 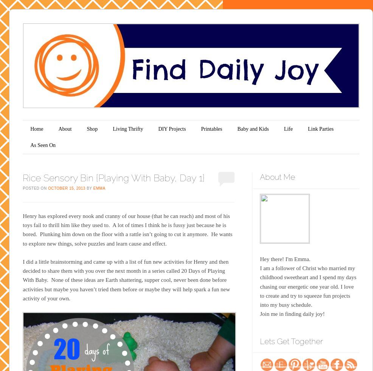 What do you see at coordinates (86, 187) in the screenshot?
I see `'by'` at bounding box center [86, 187].